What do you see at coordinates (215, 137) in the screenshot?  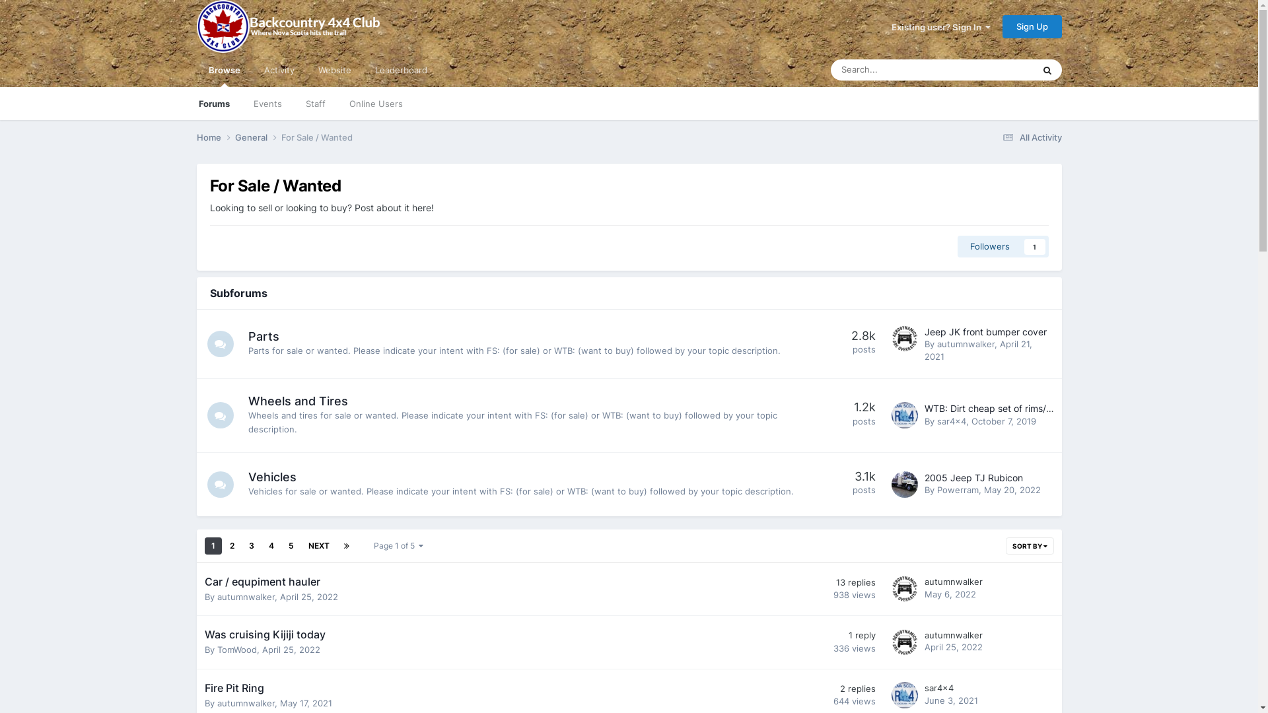 I see `'Home'` at bounding box center [215, 137].